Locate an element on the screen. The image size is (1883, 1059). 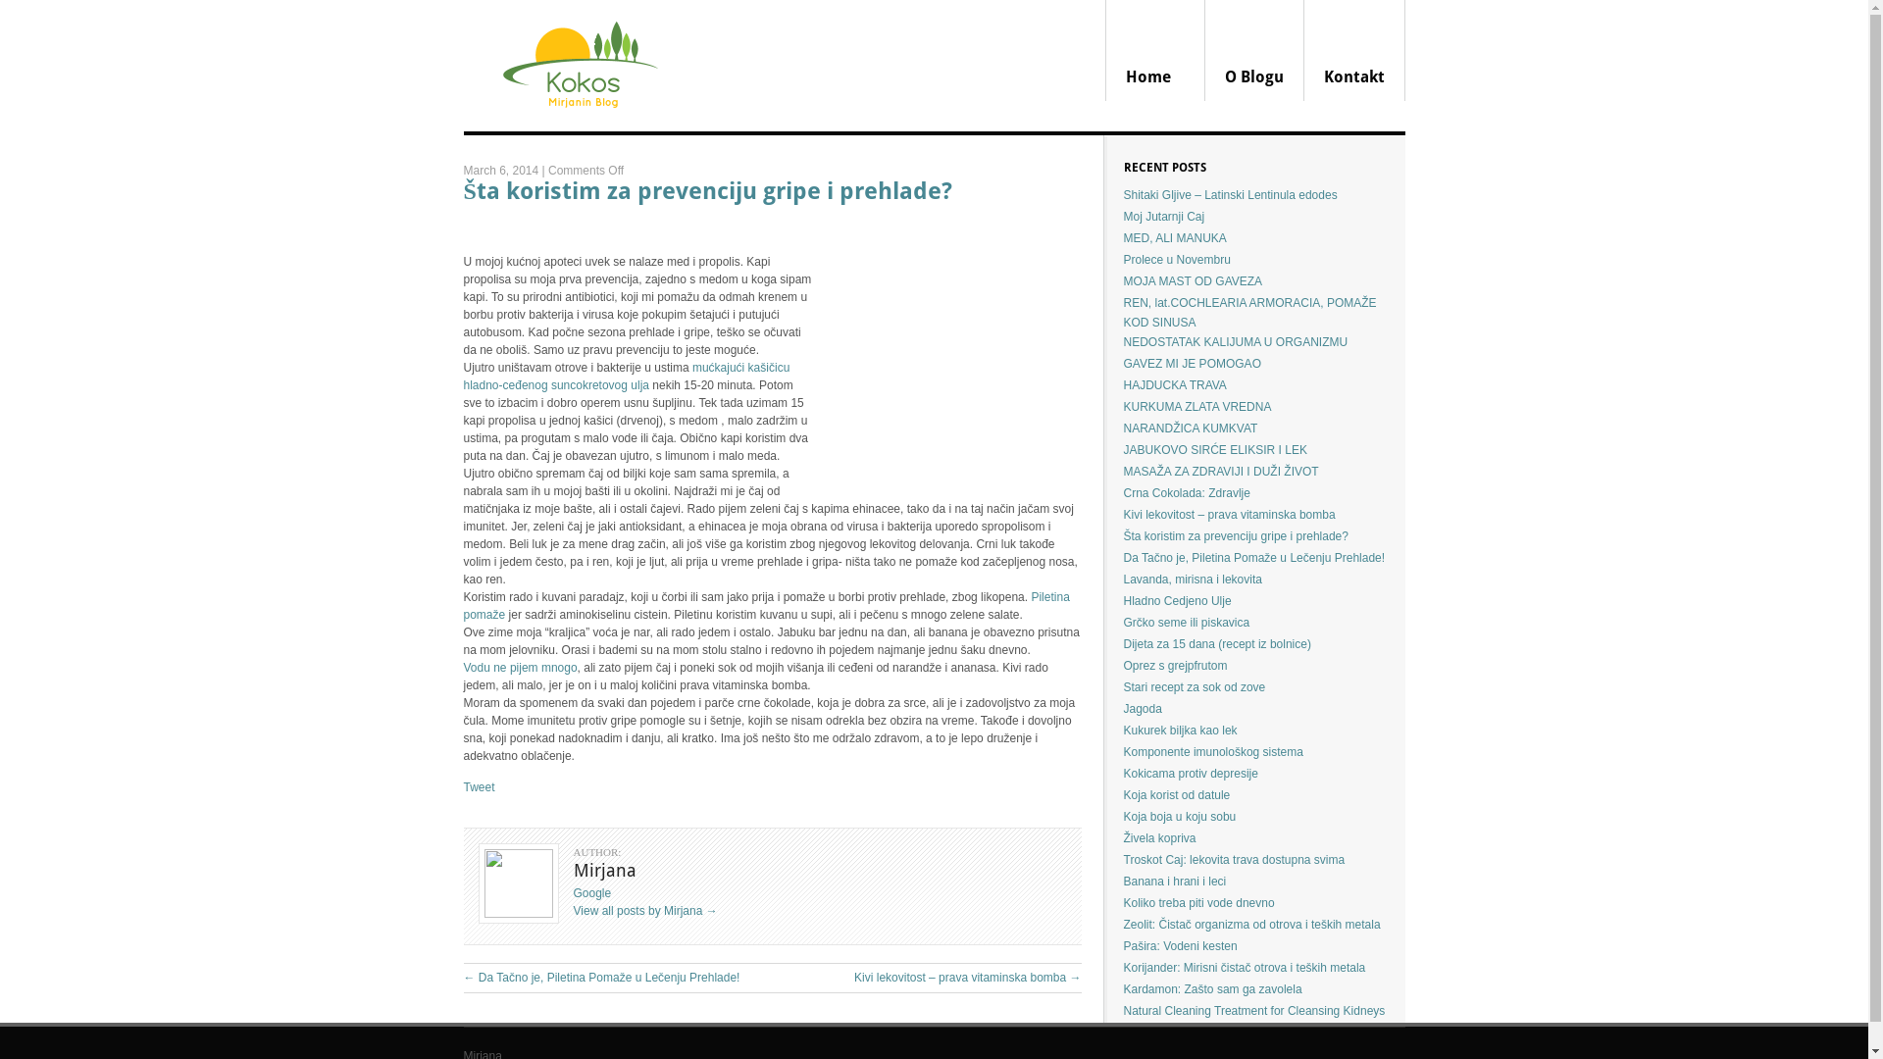
'MED, ALI MANUKA' is located at coordinates (1124, 237).